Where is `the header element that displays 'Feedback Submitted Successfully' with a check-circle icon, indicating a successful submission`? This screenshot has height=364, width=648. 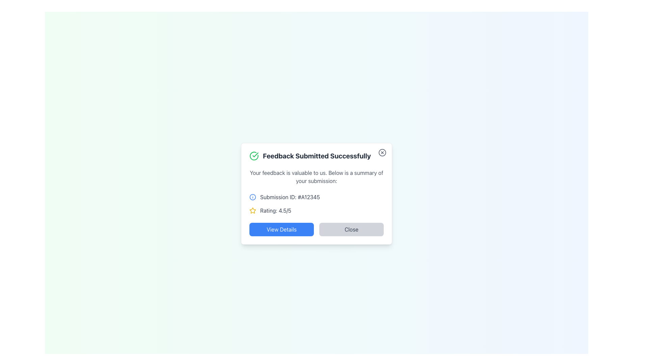 the header element that displays 'Feedback Submitted Successfully' with a check-circle icon, indicating a successful submission is located at coordinates (316, 156).